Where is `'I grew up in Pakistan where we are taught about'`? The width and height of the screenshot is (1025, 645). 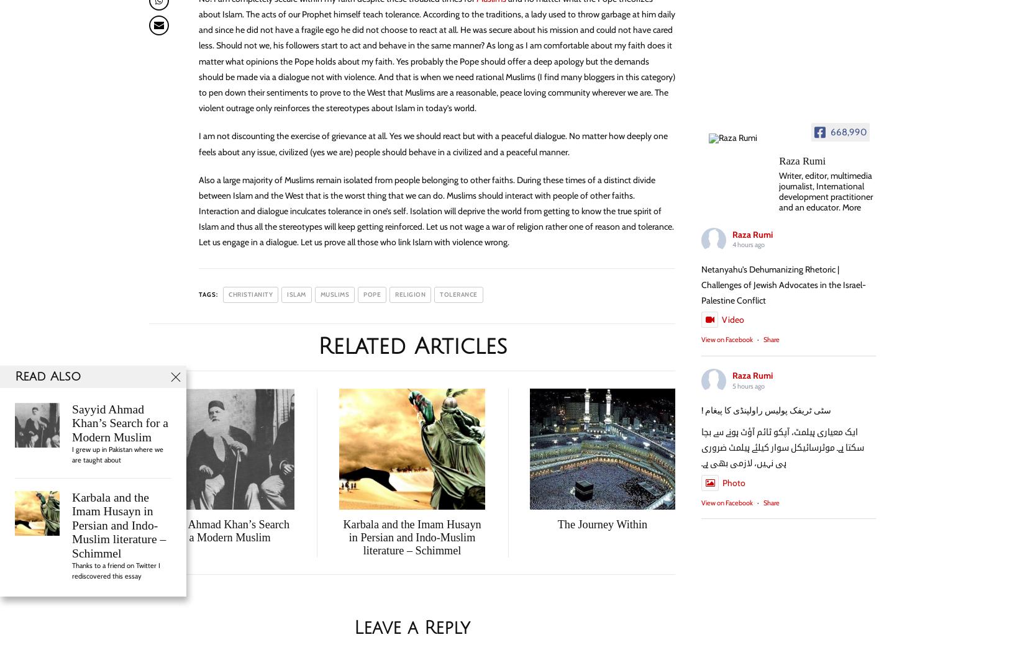
'I grew up in Pakistan where we are taught about' is located at coordinates (117, 453).